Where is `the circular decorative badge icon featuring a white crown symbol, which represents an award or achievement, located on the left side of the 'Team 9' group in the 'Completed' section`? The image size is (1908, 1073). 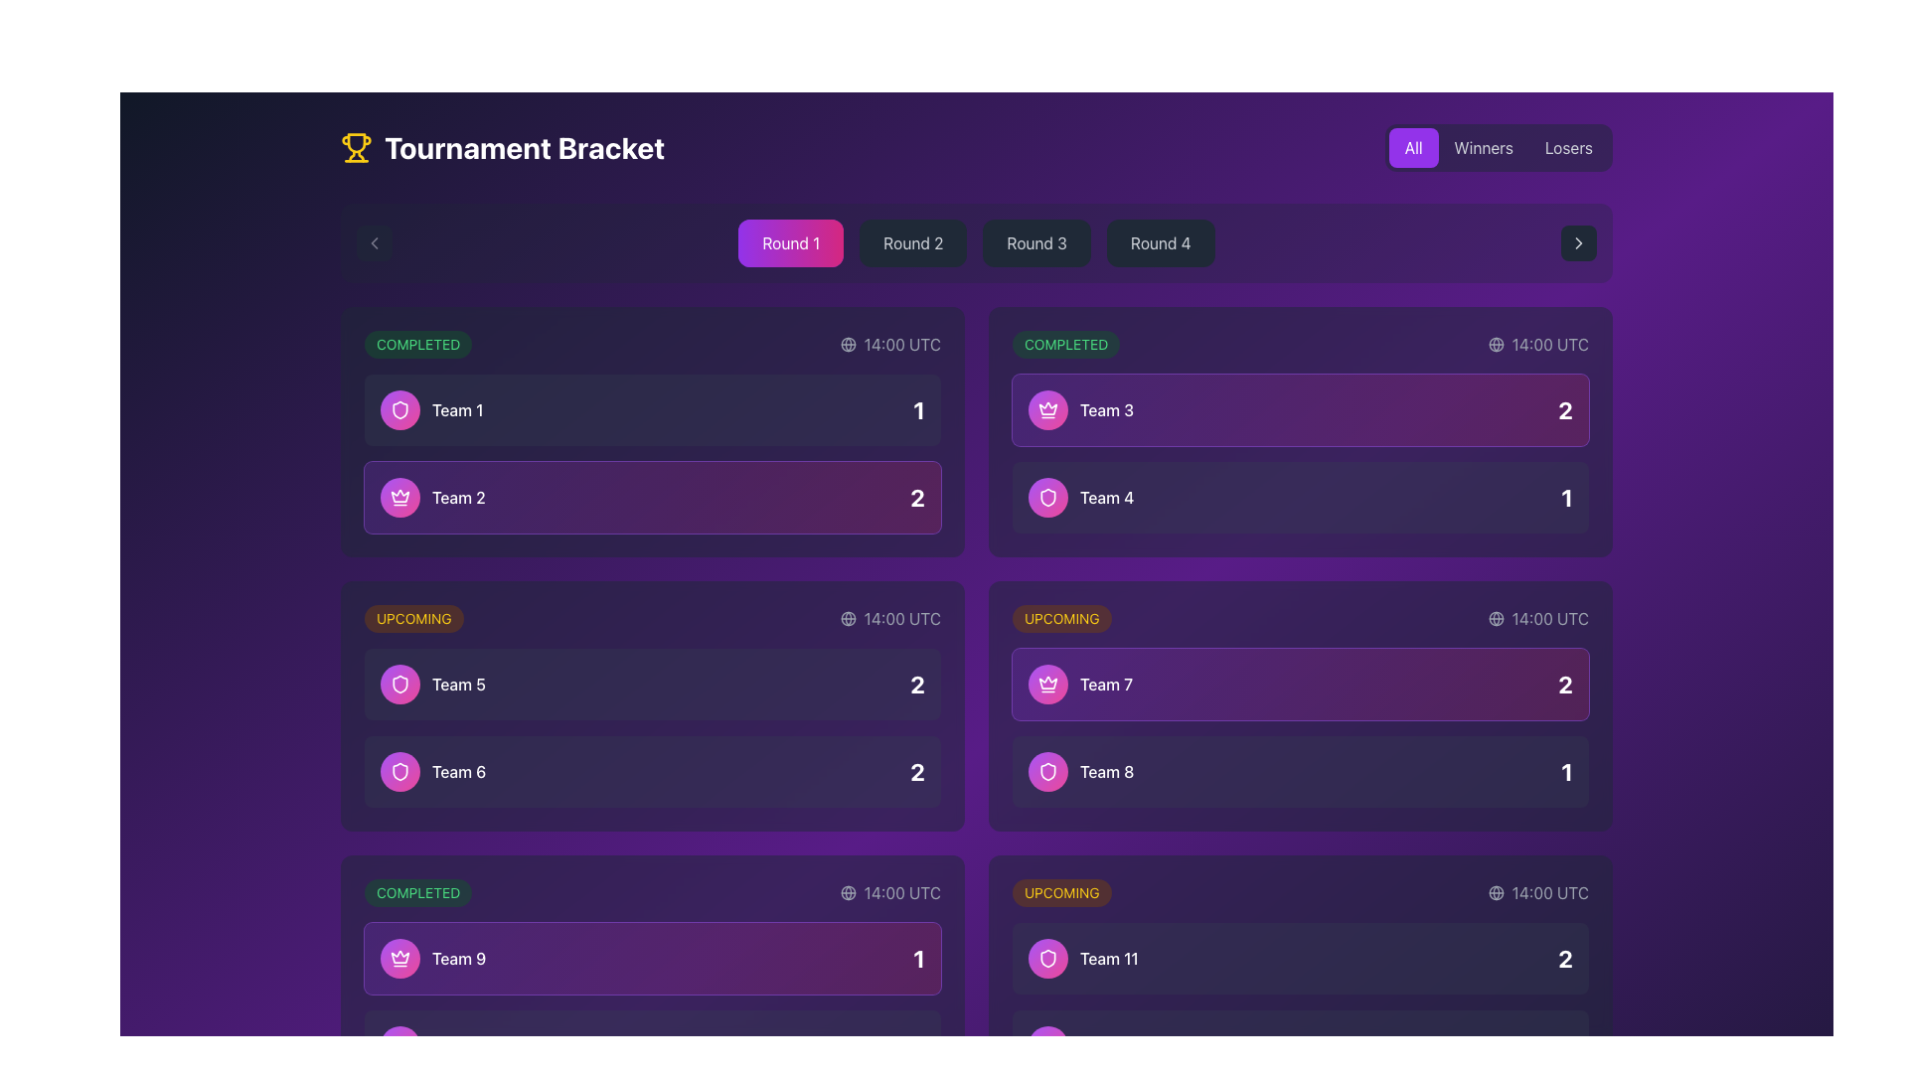
the circular decorative badge icon featuring a white crown symbol, which represents an award or achievement, located on the left side of the 'Team 9' group in the 'Completed' section is located at coordinates (399, 957).